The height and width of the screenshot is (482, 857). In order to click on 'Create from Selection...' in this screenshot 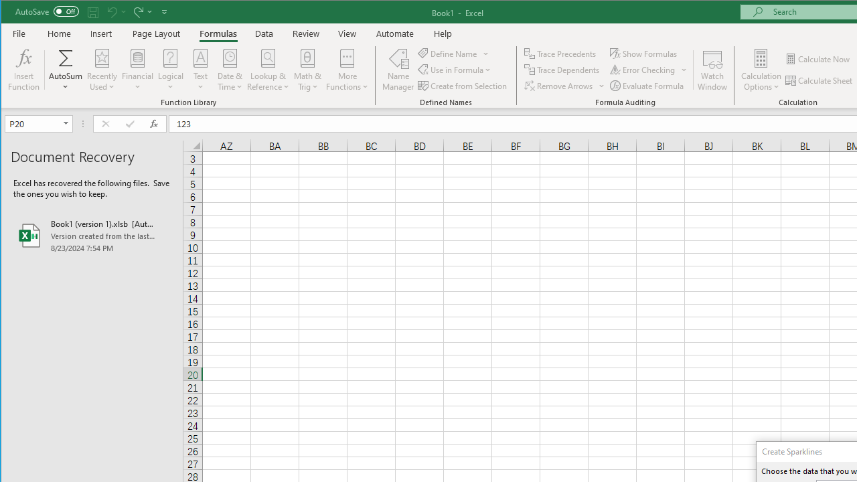, I will do `click(463, 86)`.